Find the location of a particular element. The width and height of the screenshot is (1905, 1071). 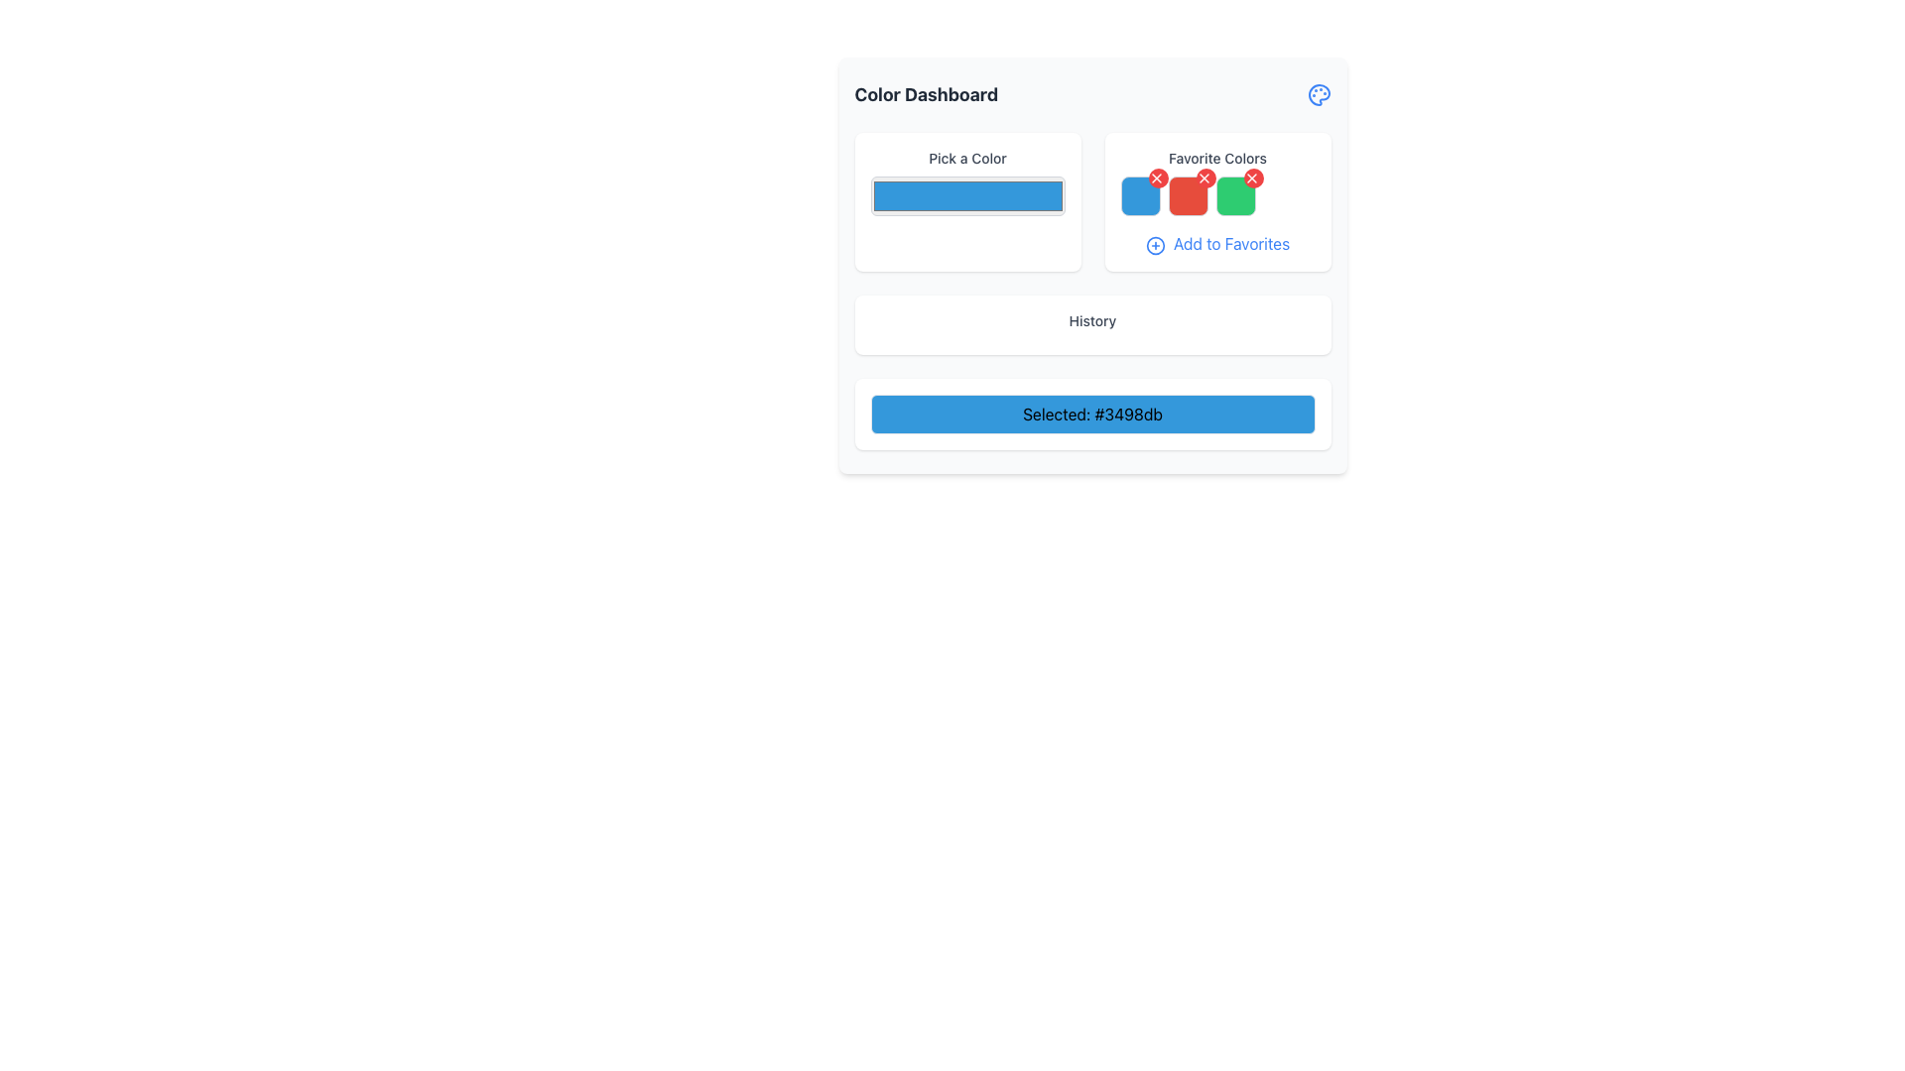

the small circular red button with a white 'X' icon at the top-right corner of the red square in the 'Favorite Colors' section is located at coordinates (1158, 178).